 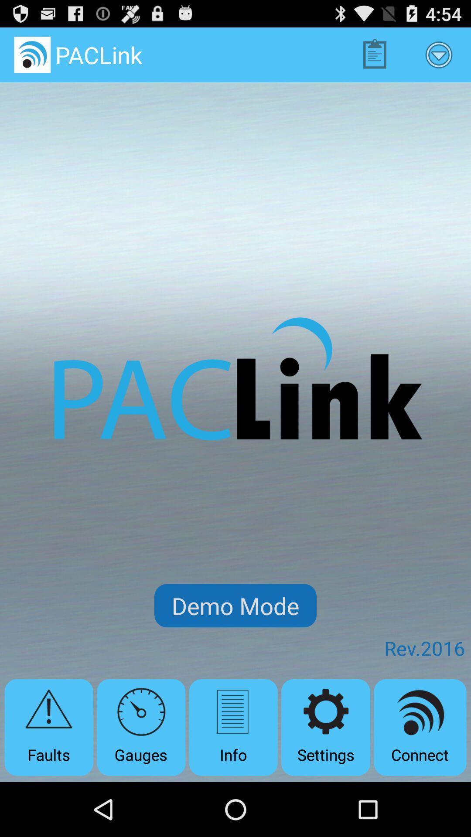 I want to click on icon to the right of the paclink icon, so click(x=374, y=54).